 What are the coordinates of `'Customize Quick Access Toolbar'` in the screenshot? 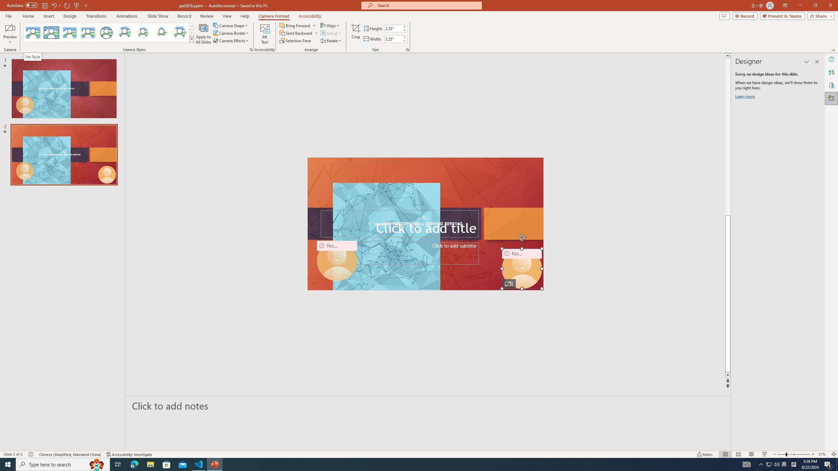 It's located at (85, 5).